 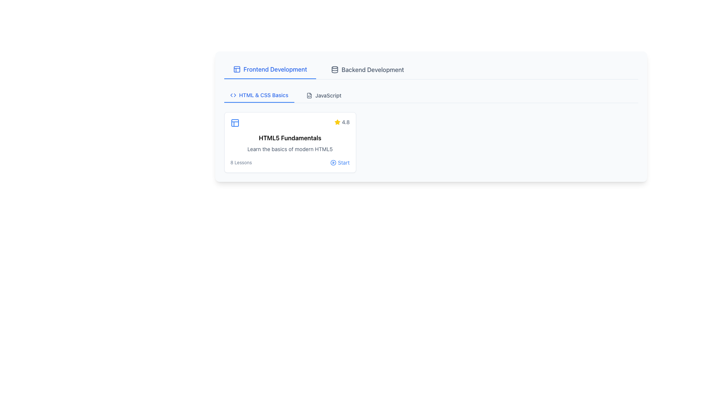 What do you see at coordinates (259, 95) in the screenshot?
I see `the 'HTML & CSS Basics' navigation item` at bounding box center [259, 95].